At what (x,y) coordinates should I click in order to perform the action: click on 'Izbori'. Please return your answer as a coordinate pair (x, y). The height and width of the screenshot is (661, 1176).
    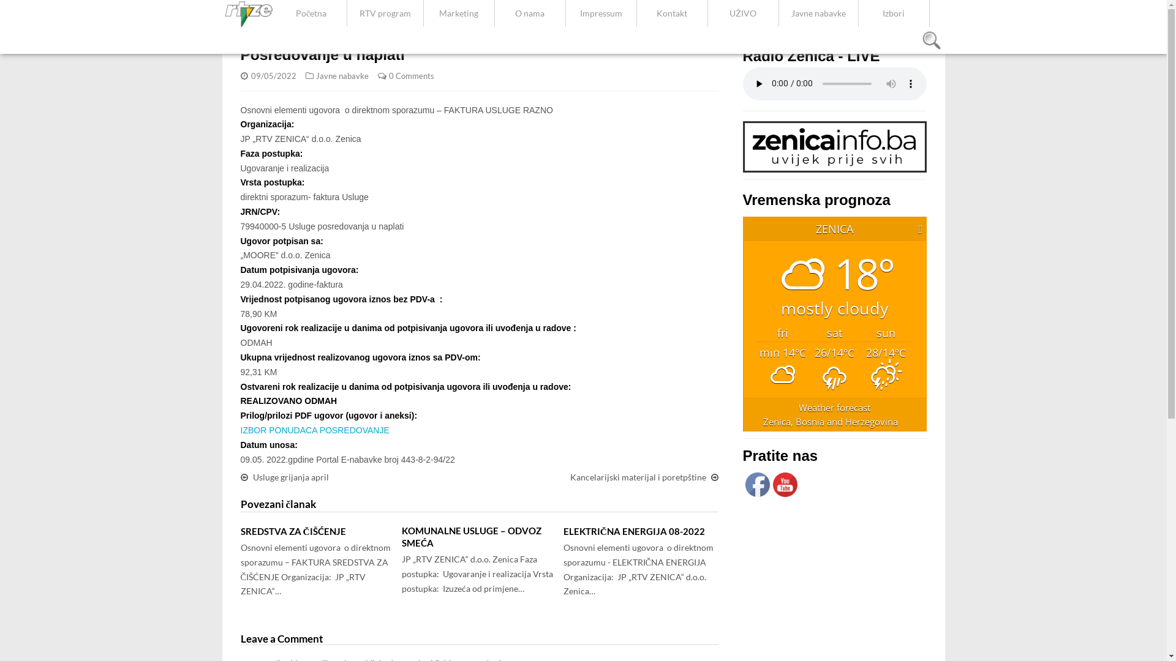
    Looking at the image, I should click on (894, 13).